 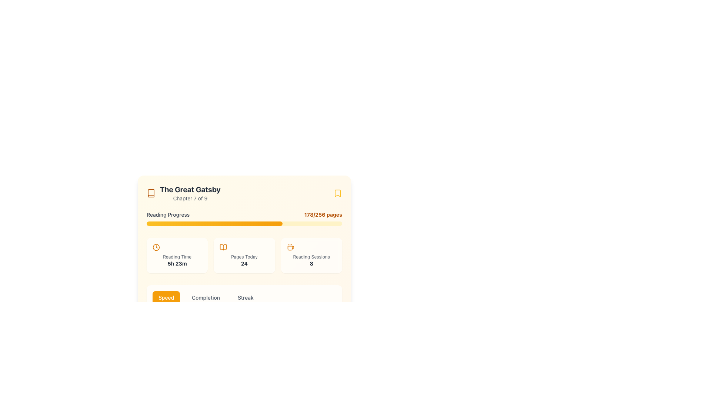 What do you see at coordinates (156, 247) in the screenshot?
I see `the amber clock icon representing 'Reading Time 5h 23m', which is located within a card layout alongside similar containers` at bounding box center [156, 247].